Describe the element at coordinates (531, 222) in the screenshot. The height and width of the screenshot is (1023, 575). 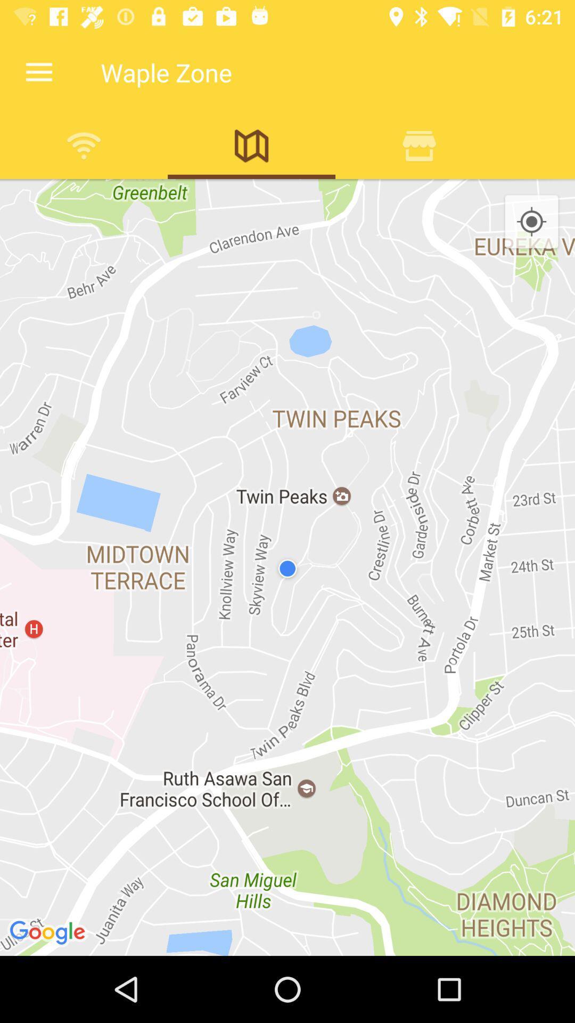
I see `the location_crosshair icon` at that location.